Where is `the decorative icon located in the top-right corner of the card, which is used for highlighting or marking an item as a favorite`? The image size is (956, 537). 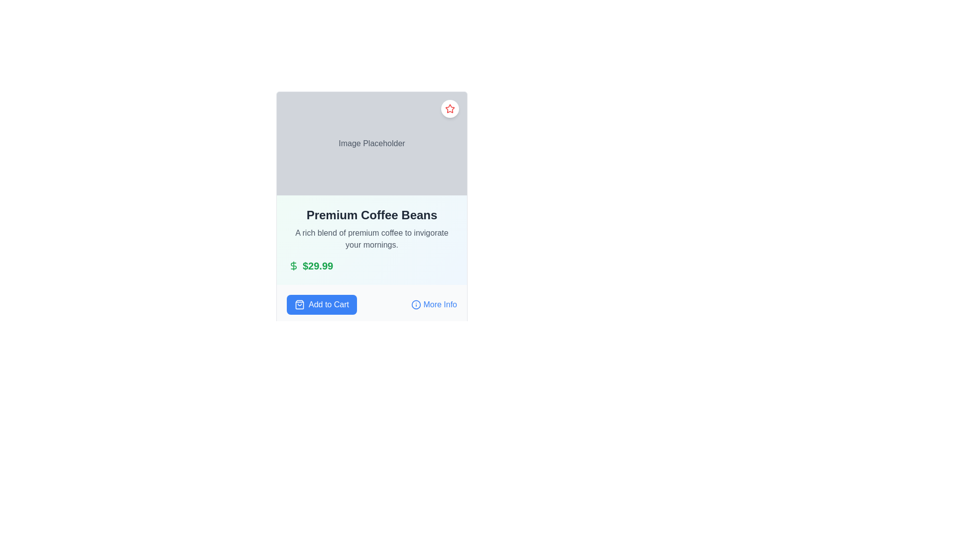 the decorative icon located in the top-right corner of the card, which is used for highlighting or marking an item as a favorite is located at coordinates (449, 109).